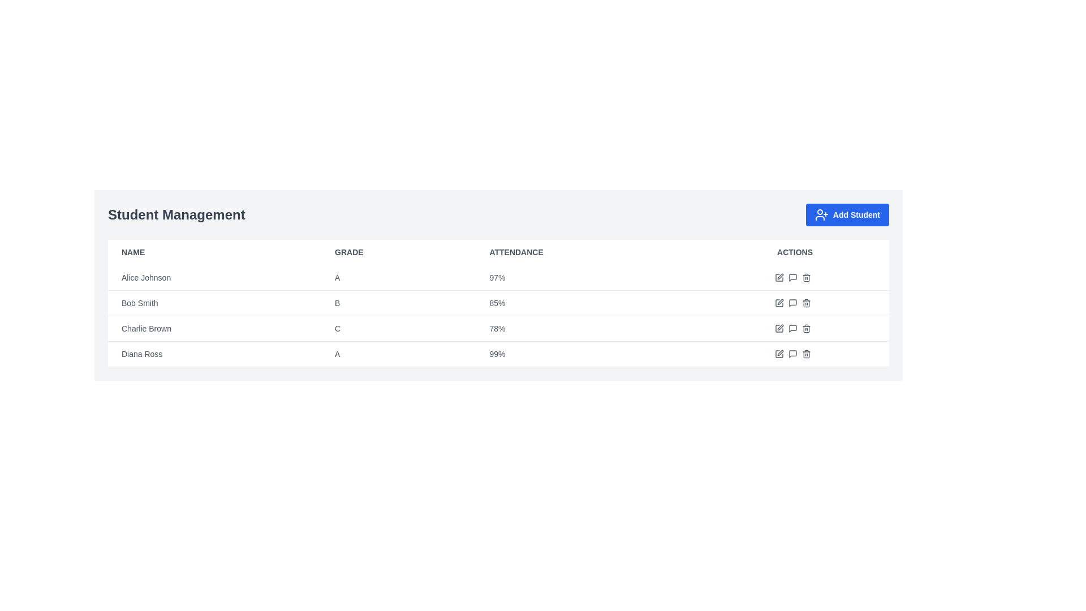  What do you see at coordinates (779, 327) in the screenshot?
I see `the pen-shaped edit icon located in the 'Actions' column of the table, aligned with the row for 'Charlie Brown' to initiate the edit action` at bounding box center [779, 327].